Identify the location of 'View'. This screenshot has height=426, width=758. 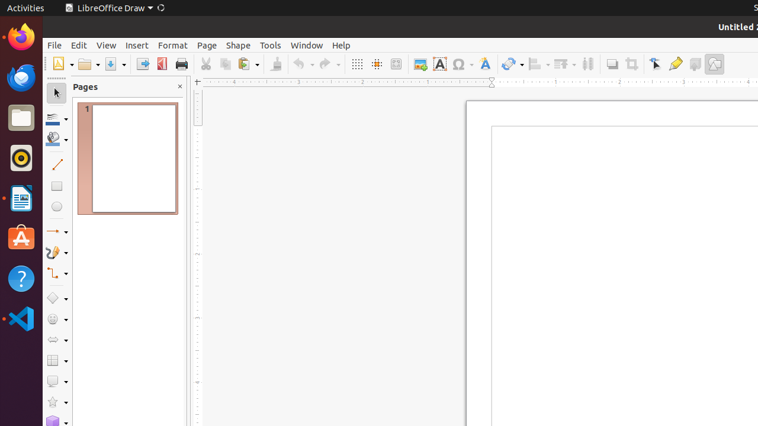
(106, 44).